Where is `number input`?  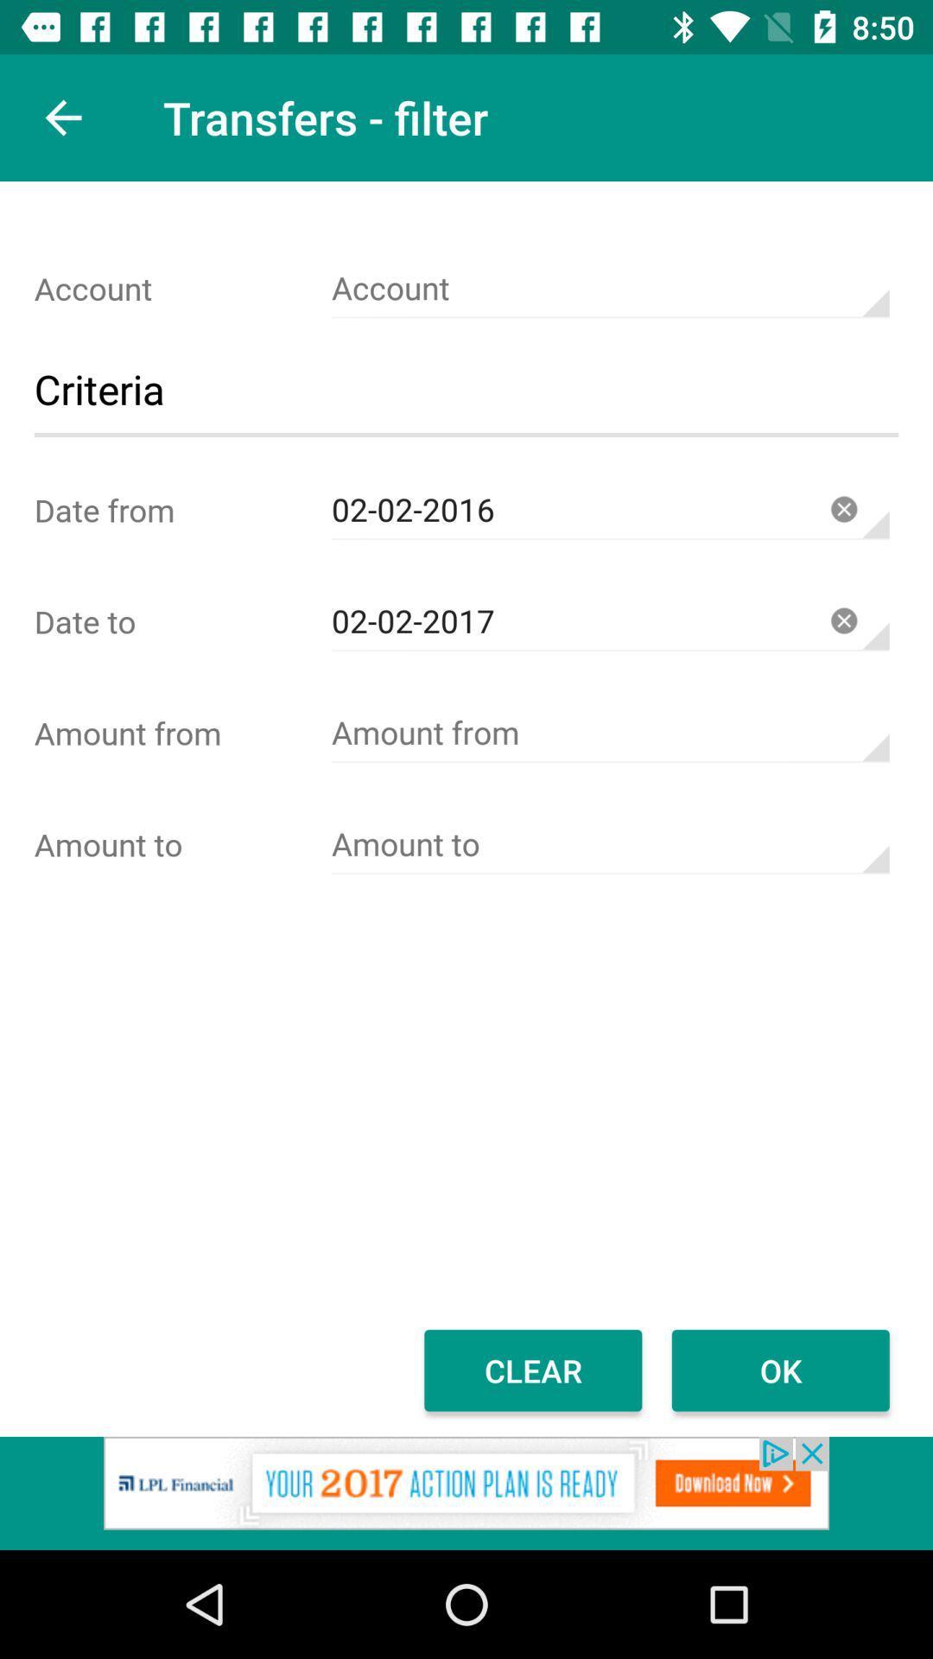
number input is located at coordinates (609, 844).